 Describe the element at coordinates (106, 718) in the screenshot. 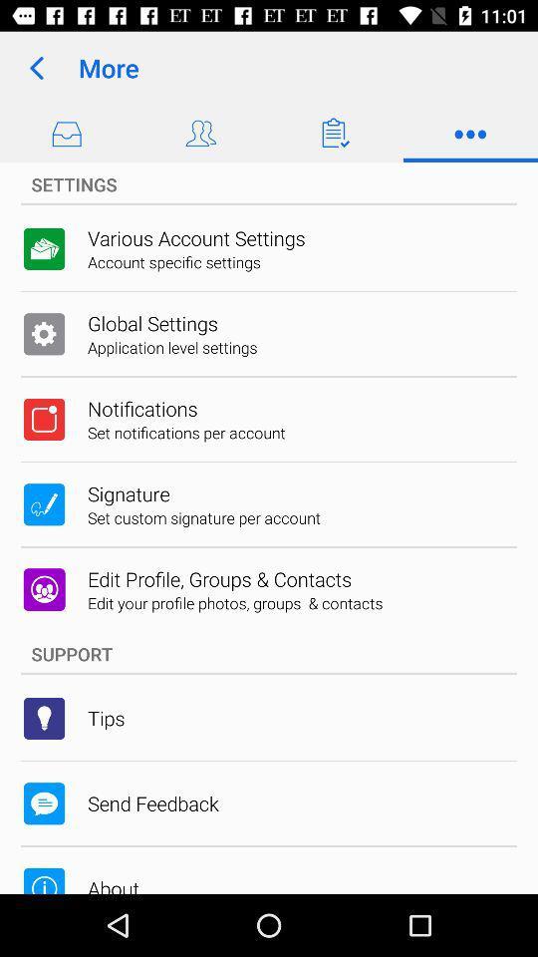

I see `the tips item` at that location.